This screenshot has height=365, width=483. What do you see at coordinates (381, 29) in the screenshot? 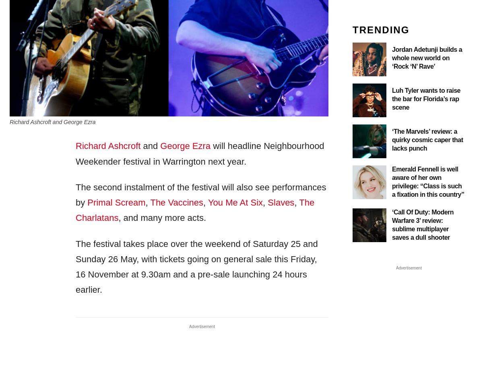
I see `'TRENDING'` at bounding box center [381, 29].